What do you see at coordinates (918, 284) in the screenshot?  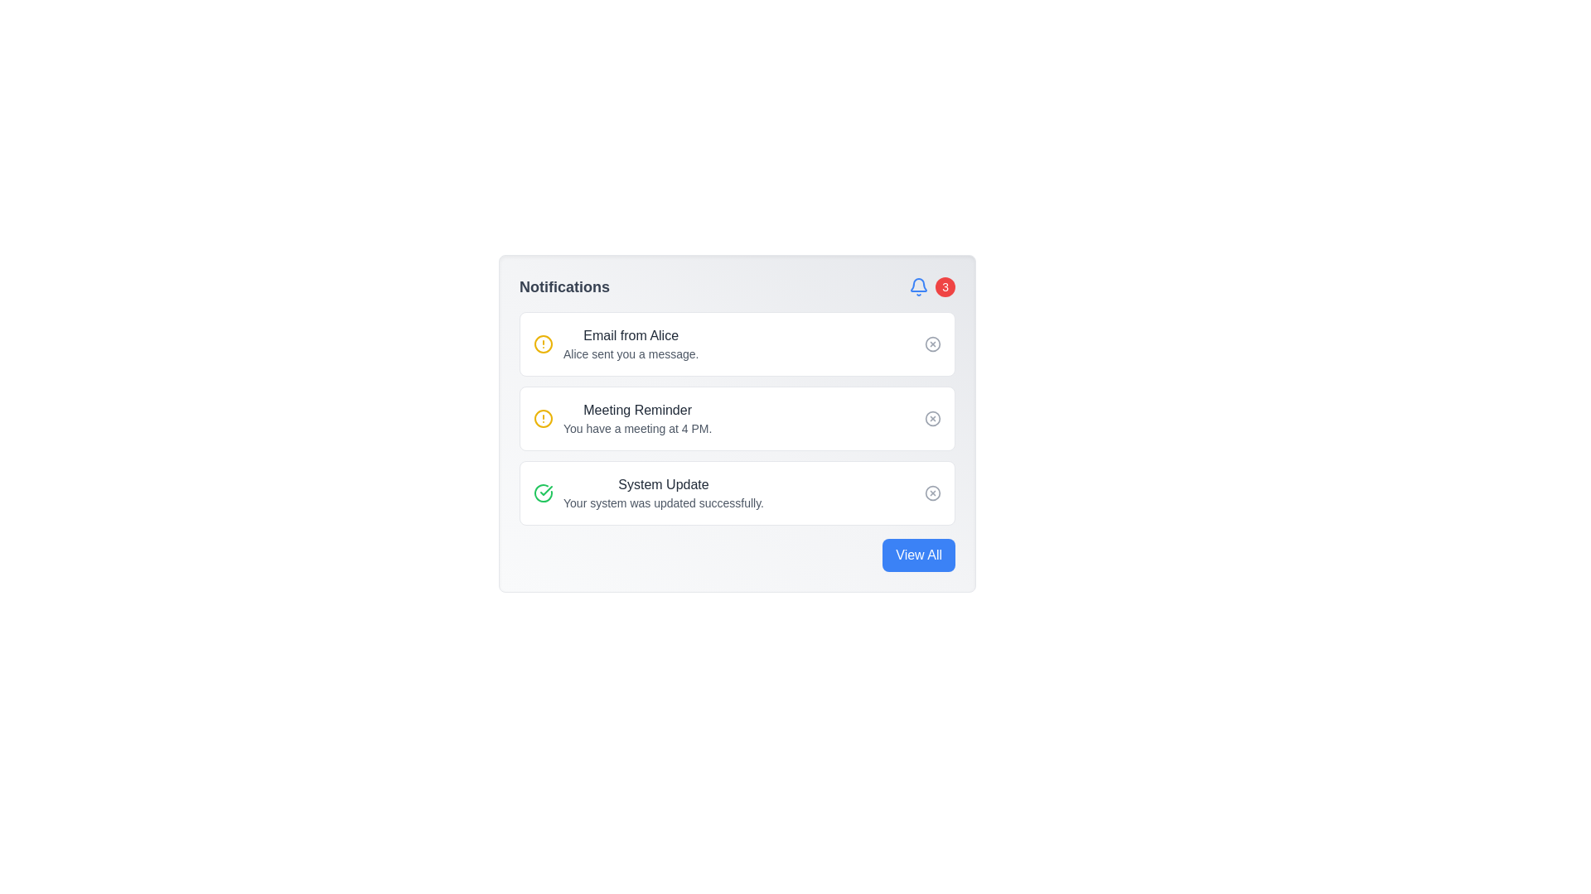 I see `the notification icon located in the top-right corner of the notification panel, adjacent to the red badge indicating three new notifications` at bounding box center [918, 284].